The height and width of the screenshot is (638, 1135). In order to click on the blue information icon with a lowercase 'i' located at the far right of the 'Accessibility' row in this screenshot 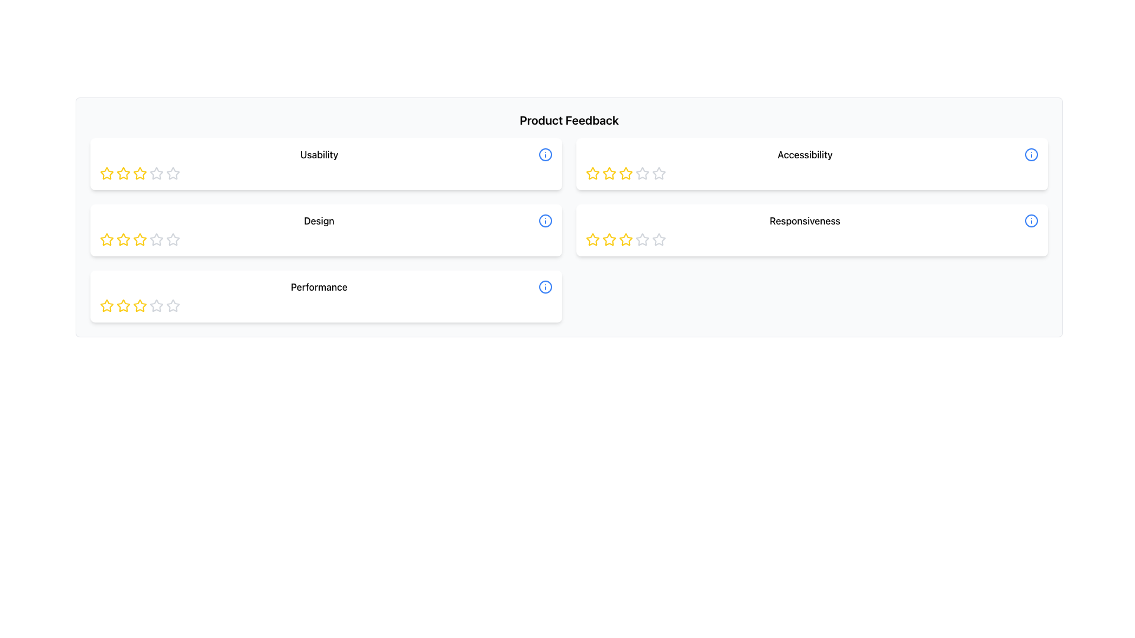, I will do `click(1031, 154)`.